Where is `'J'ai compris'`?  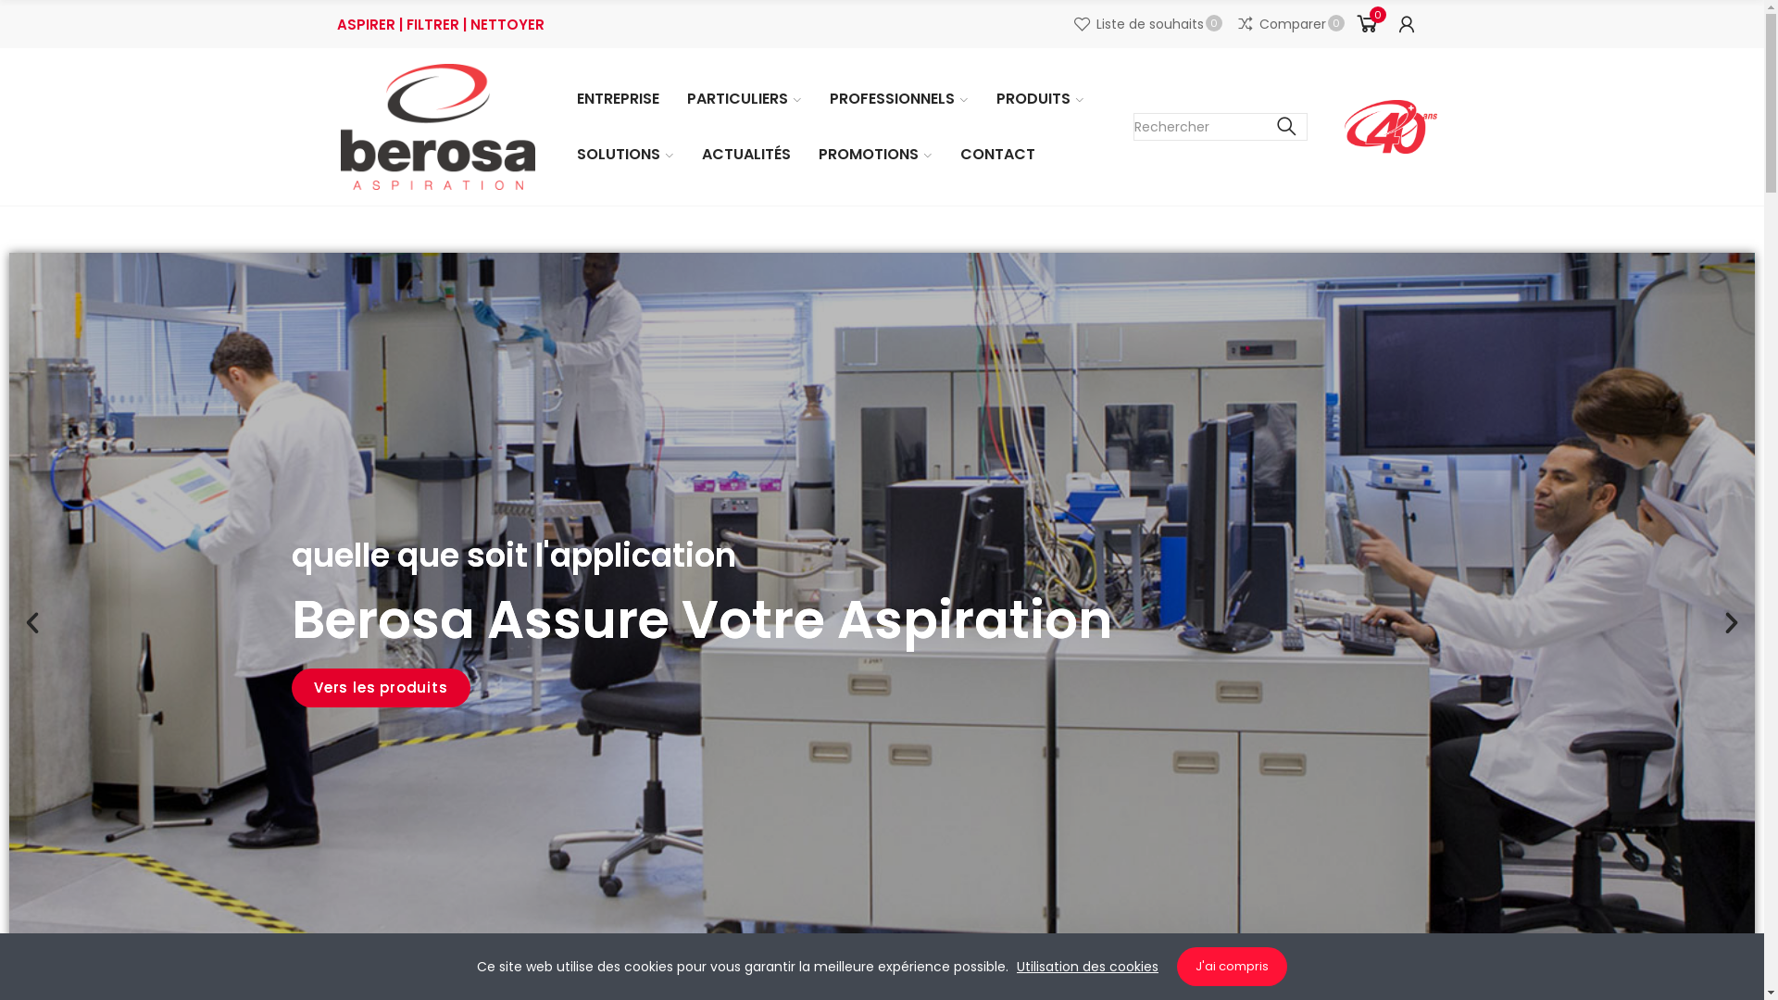
'J'ai compris' is located at coordinates (1232, 966).